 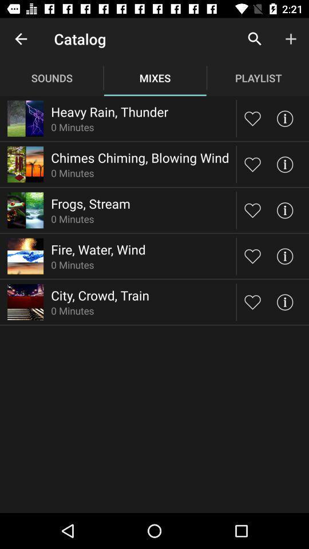 What do you see at coordinates (284, 118) in the screenshot?
I see `information` at bounding box center [284, 118].